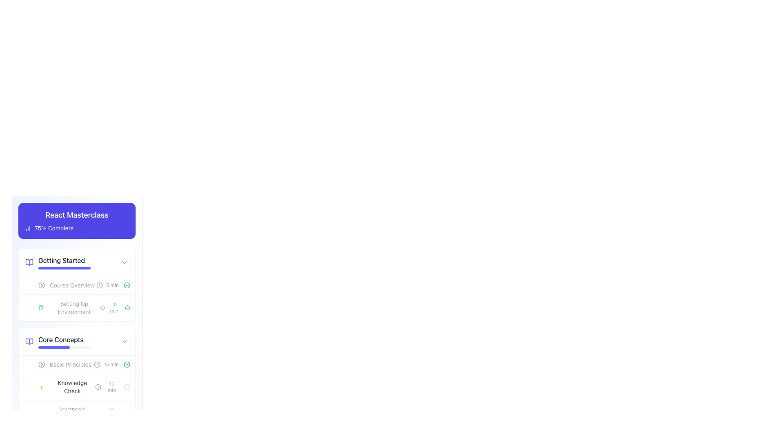 The image size is (784, 441). Describe the element at coordinates (77, 364) in the screenshot. I see `the interactive list item representing the course lesson titled 'Basic Principles'` at that location.